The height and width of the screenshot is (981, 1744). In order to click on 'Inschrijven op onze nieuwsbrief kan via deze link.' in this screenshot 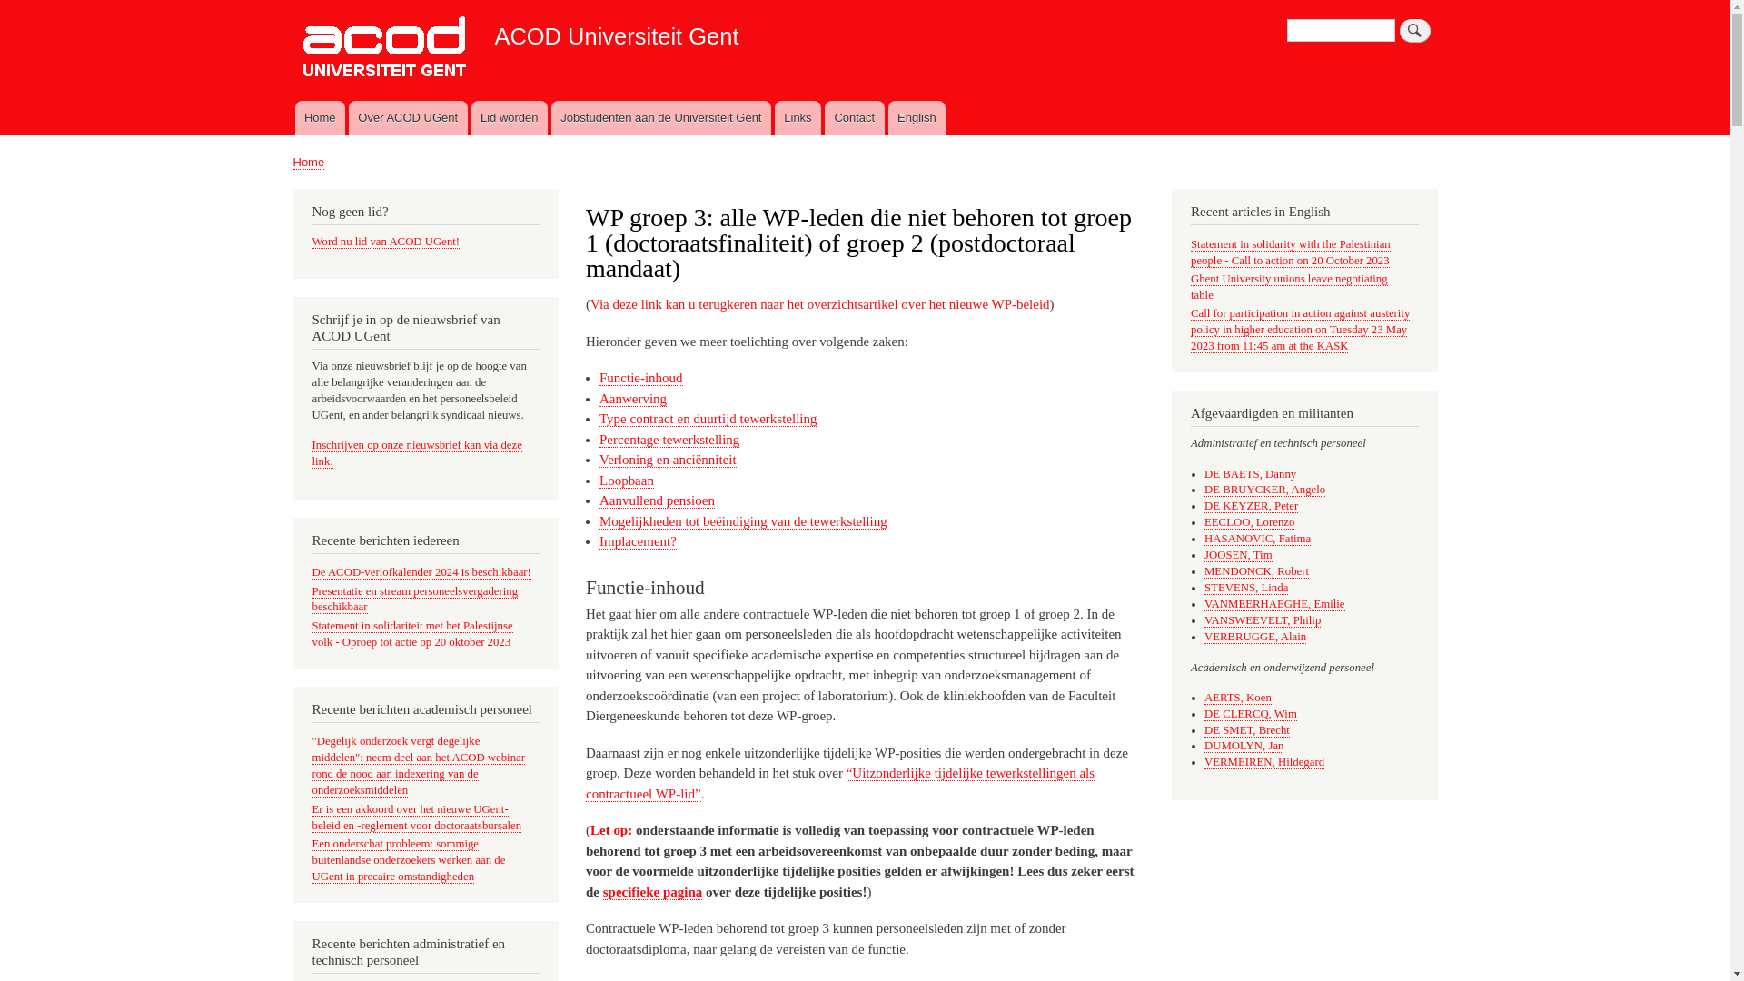, I will do `click(312, 452)`.